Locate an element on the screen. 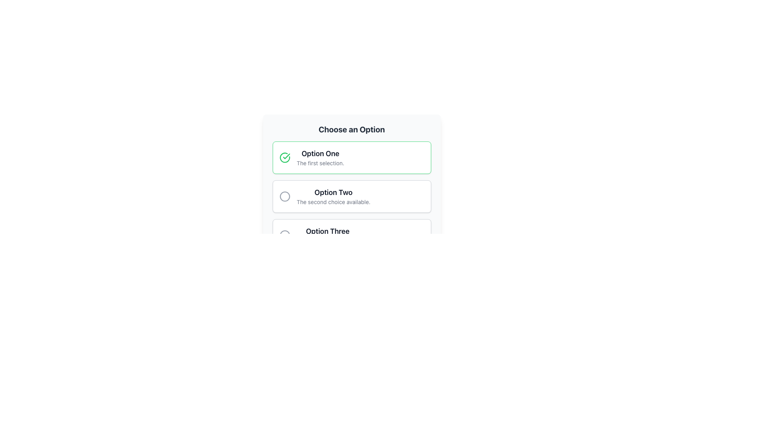 This screenshot has height=428, width=761. the 'Option Two' text label is located at coordinates (333, 193).